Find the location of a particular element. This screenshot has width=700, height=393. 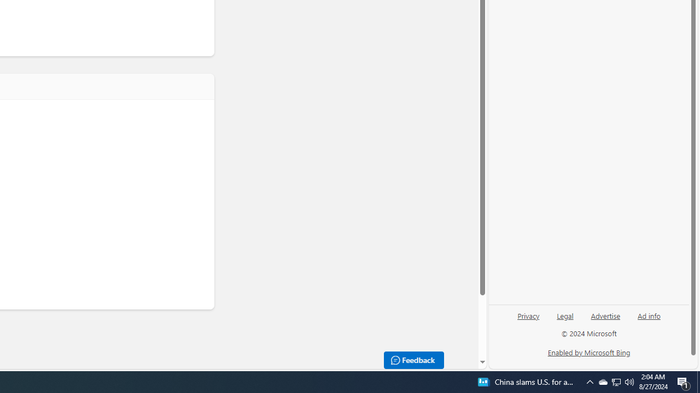

'Legal' is located at coordinates (565, 319).